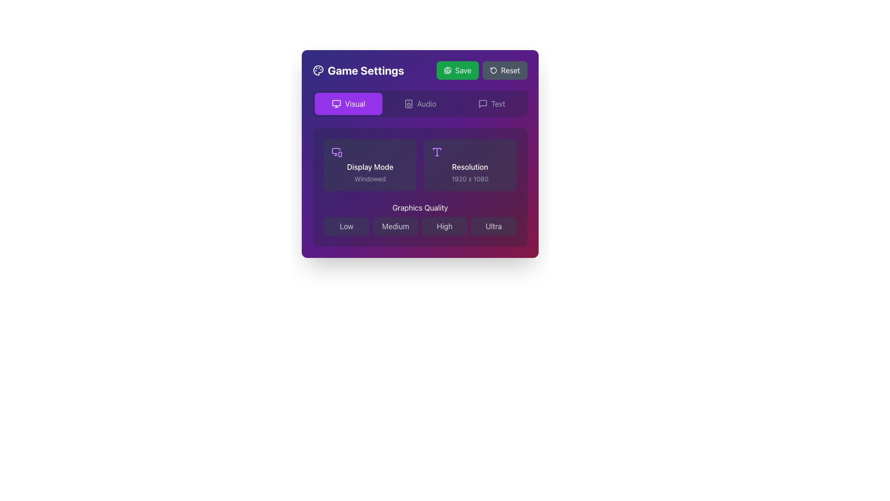 This screenshot has height=501, width=890. Describe the element at coordinates (447, 71) in the screenshot. I see `the save icon located in the top-right of the game settings menu` at that location.